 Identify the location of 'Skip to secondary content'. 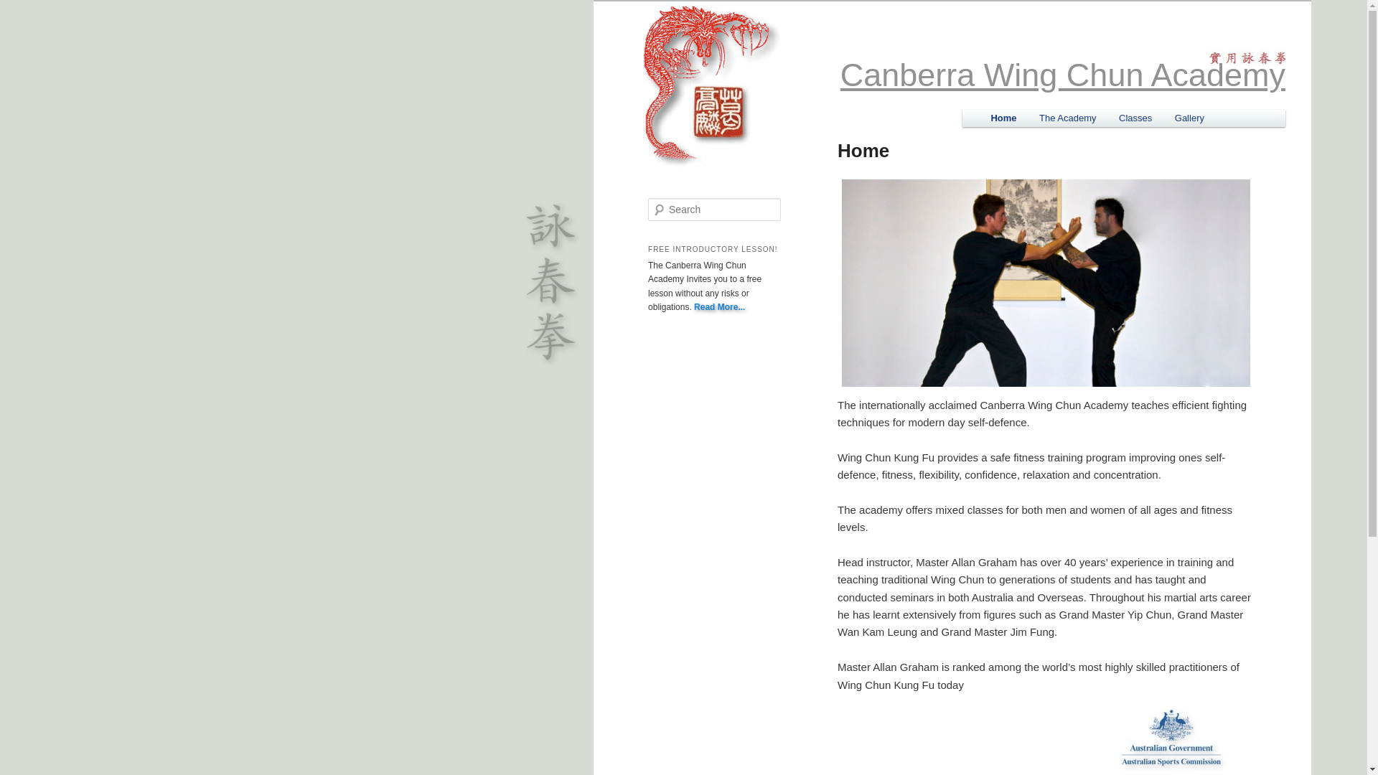
(1061, 118).